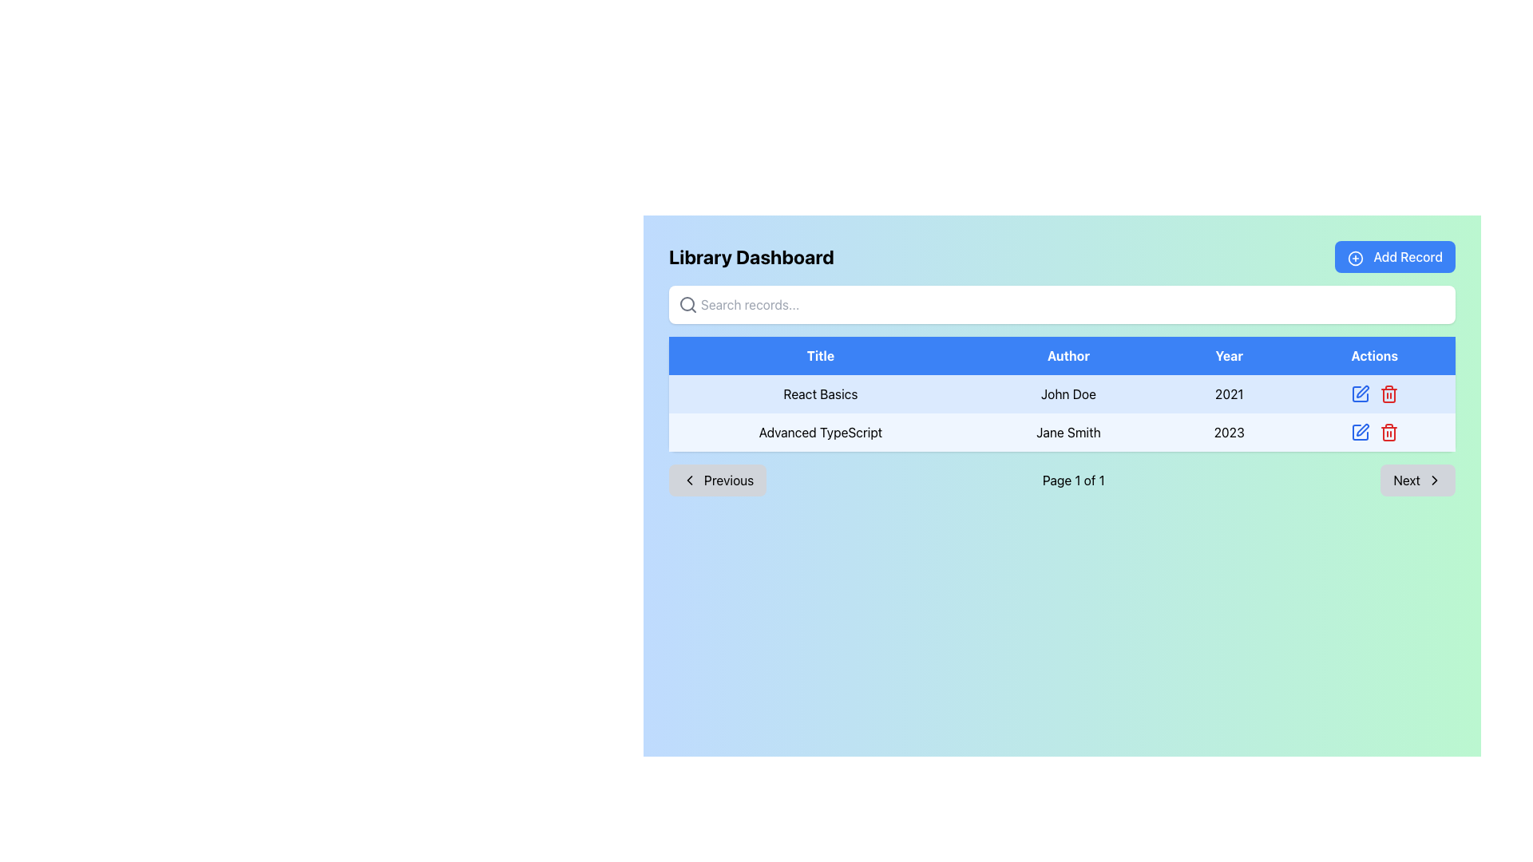 The height and width of the screenshot is (862, 1533). I want to click on the text label displaying 'Page 1 of 1', which is centrally located below a data table and between the 'Previous' and 'Next' buttons, so click(1073, 479).